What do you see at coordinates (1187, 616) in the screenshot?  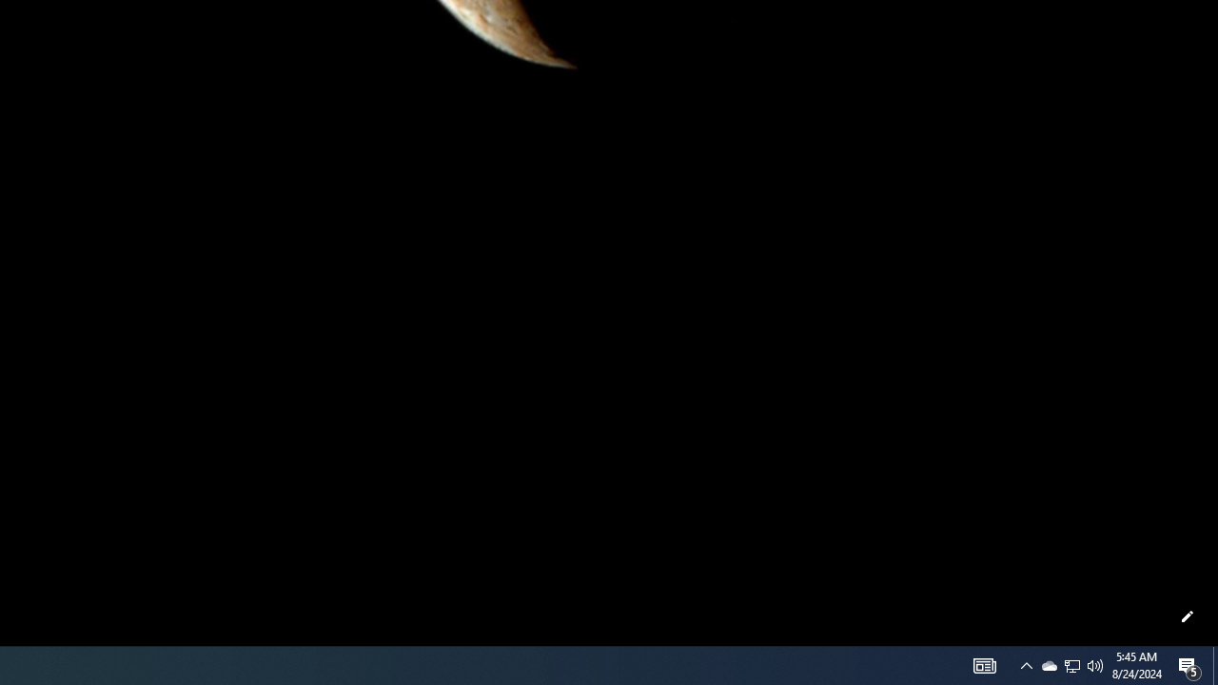 I see `'Customize this page'` at bounding box center [1187, 616].